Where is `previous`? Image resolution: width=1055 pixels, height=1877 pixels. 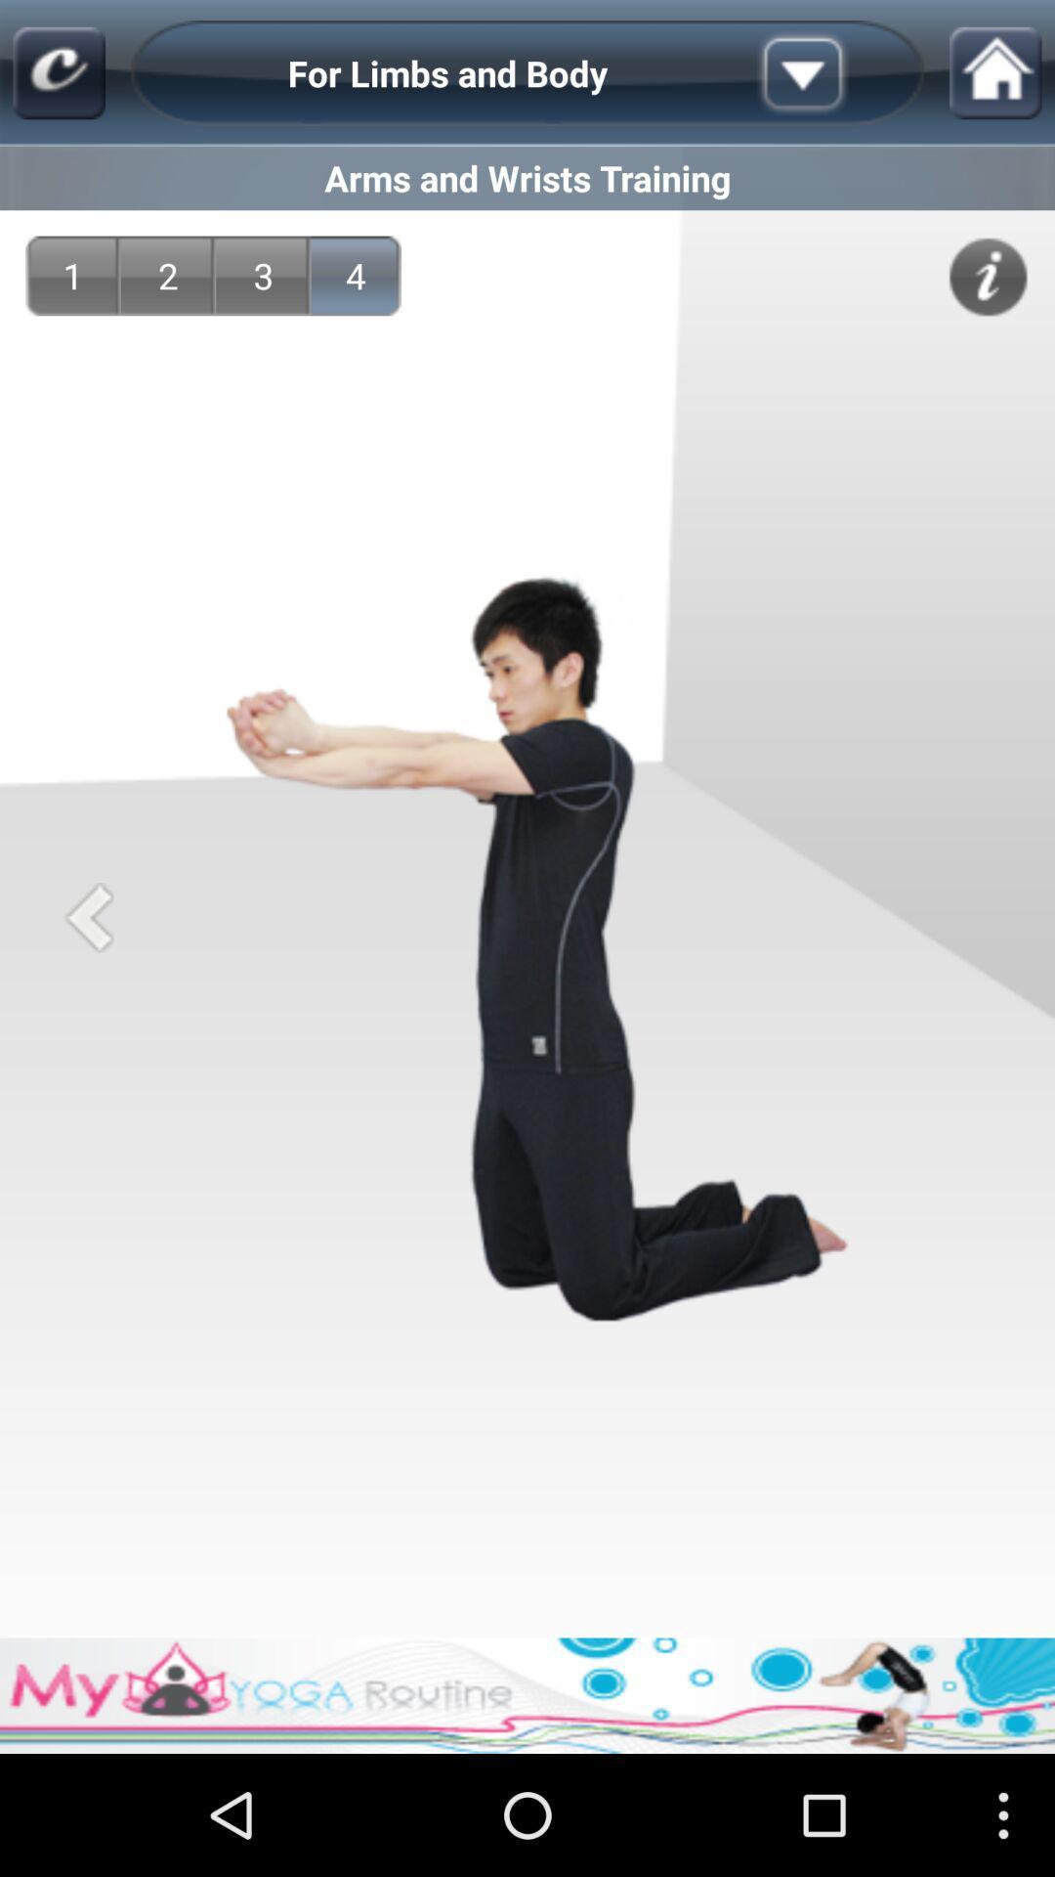
previous is located at coordinates (89, 916).